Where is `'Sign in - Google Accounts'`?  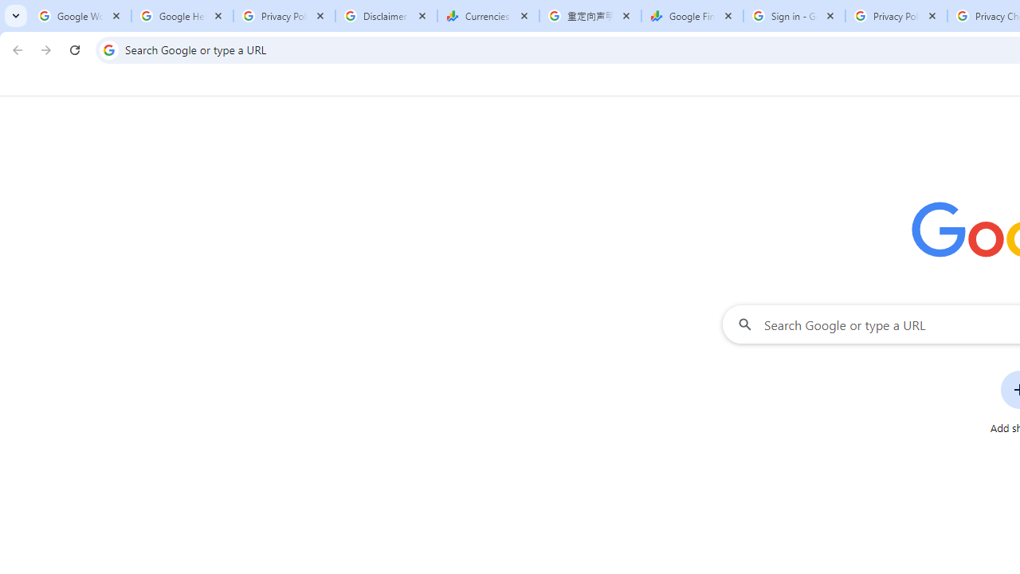 'Sign in - Google Accounts' is located at coordinates (794, 16).